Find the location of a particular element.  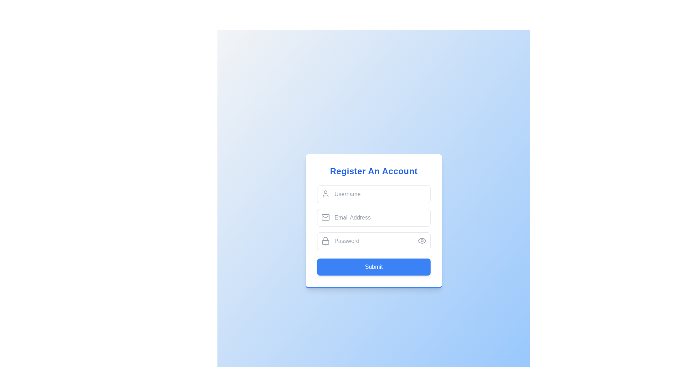

the graphical user icon that represents the username input field, located at the left margin of the username text input field is located at coordinates (325, 194).